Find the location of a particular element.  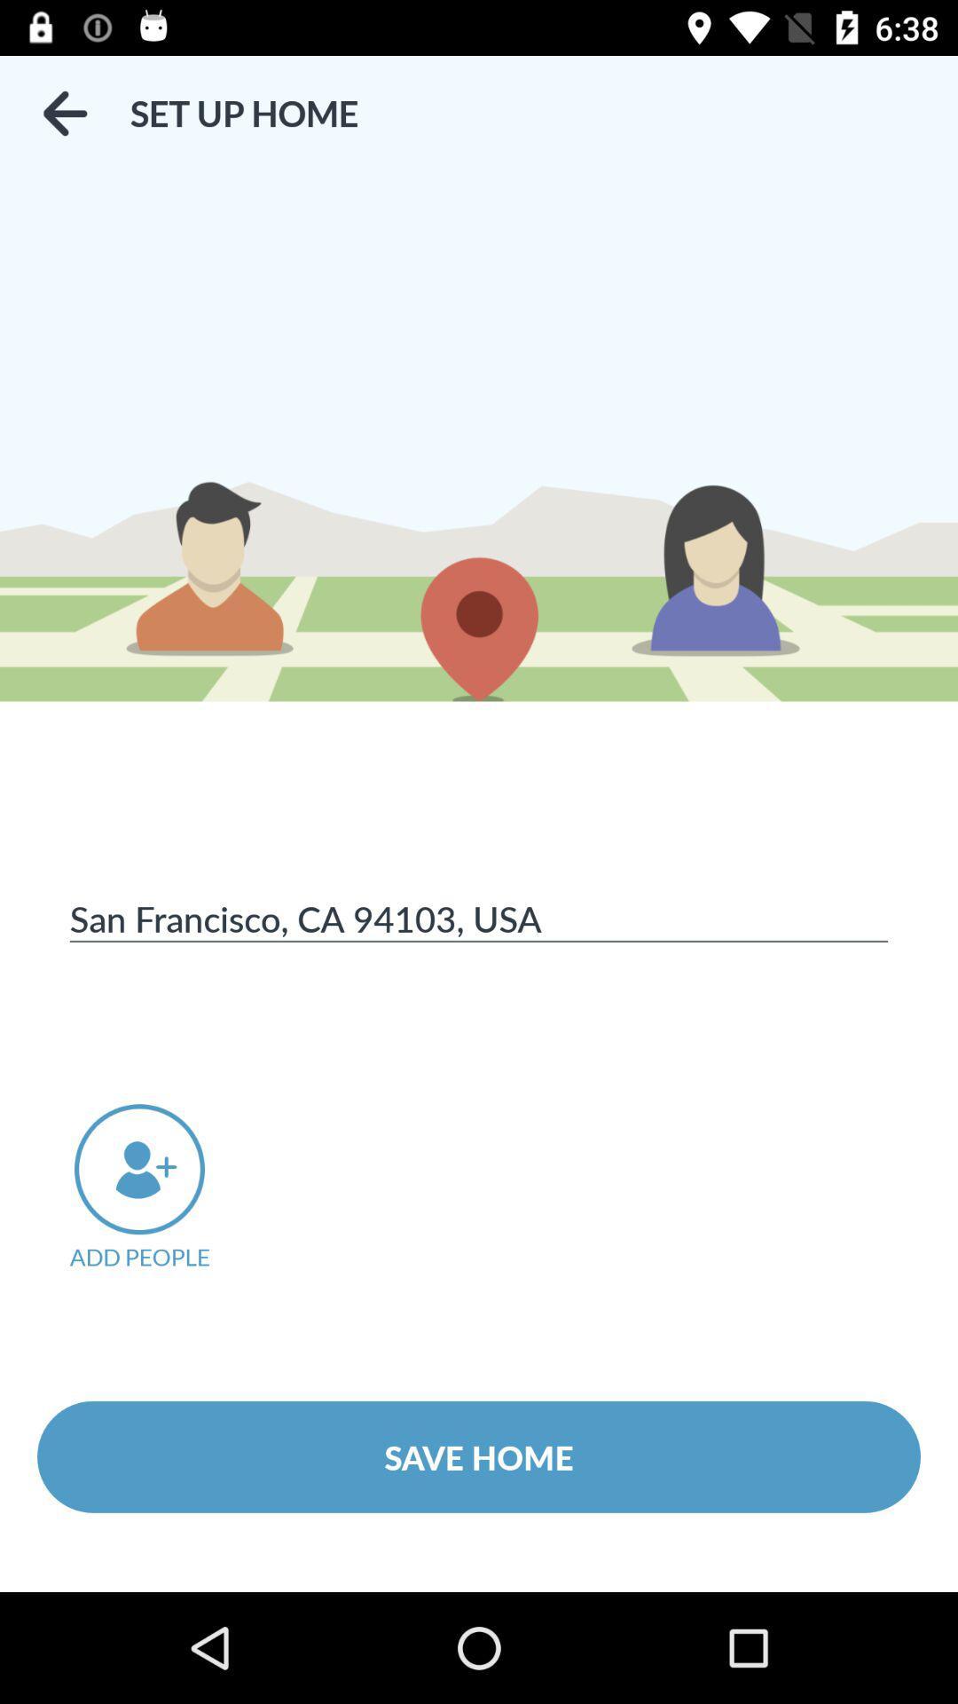

icon to the left of the set up home item is located at coordinates (64, 113).